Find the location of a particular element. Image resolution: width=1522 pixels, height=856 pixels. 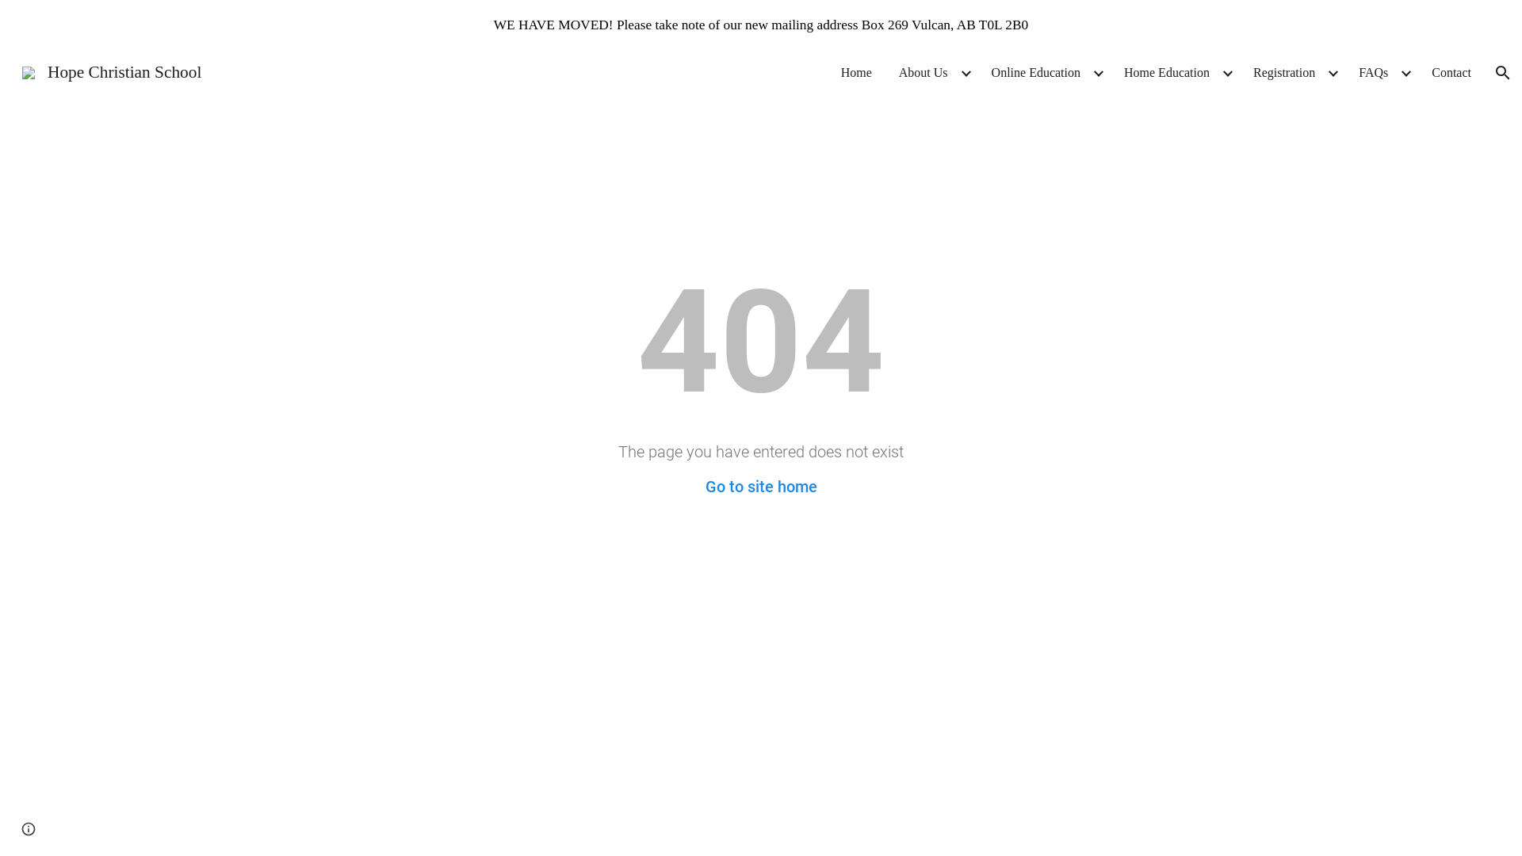

'Registration' is located at coordinates (1284, 73).